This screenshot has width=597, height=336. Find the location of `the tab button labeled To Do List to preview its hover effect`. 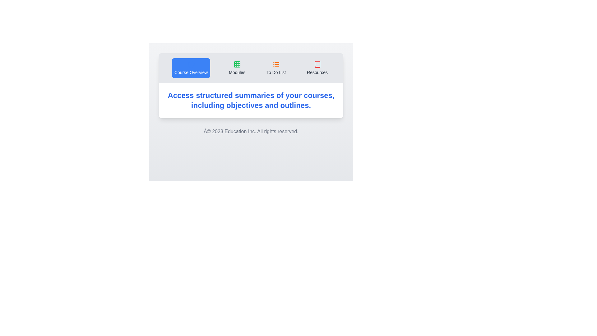

the tab button labeled To Do List to preview its hover effect is located at coordinates (276, 68).